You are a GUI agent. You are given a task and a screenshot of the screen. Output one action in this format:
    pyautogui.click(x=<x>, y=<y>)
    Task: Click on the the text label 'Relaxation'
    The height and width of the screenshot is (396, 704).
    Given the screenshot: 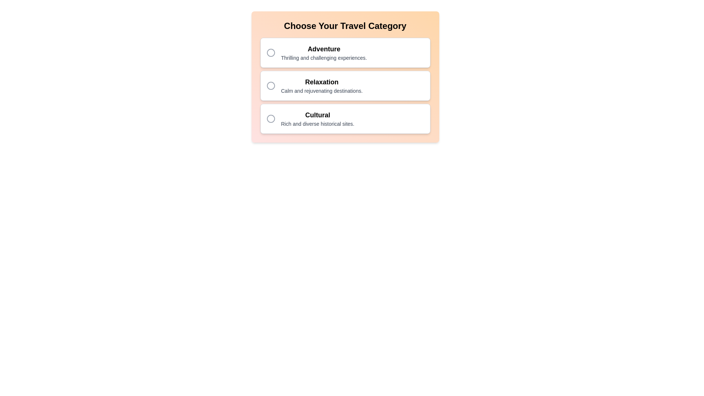 What is the action you would take?
    pyautogui.click(x=322, y=82)
    